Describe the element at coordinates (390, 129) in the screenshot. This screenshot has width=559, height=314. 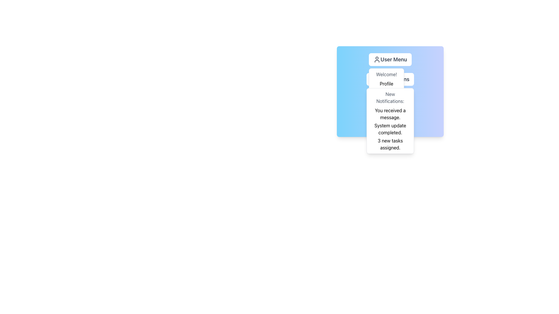
I see `the Text block that displays notifications, located directly below 'New Notifications:', to interact with adjacent elements` at that location.